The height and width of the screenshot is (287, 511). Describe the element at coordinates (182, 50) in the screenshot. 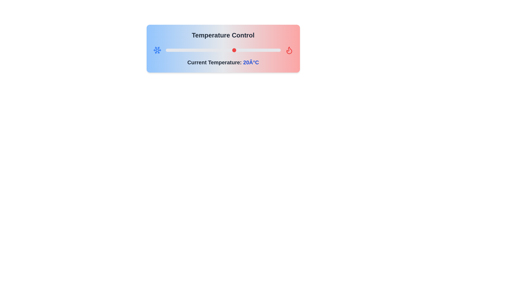

I see `the temperature slider to -3 degrees Celsius` at that location.